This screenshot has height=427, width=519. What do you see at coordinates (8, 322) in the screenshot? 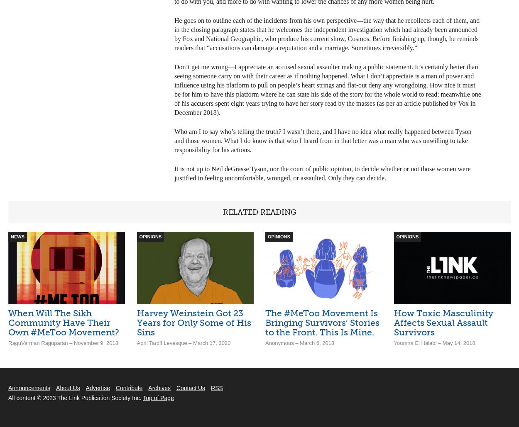
I see `'When Will The Sikh Community Have Their Own #MeToo Movement?'` at bounding box center [8, 322].